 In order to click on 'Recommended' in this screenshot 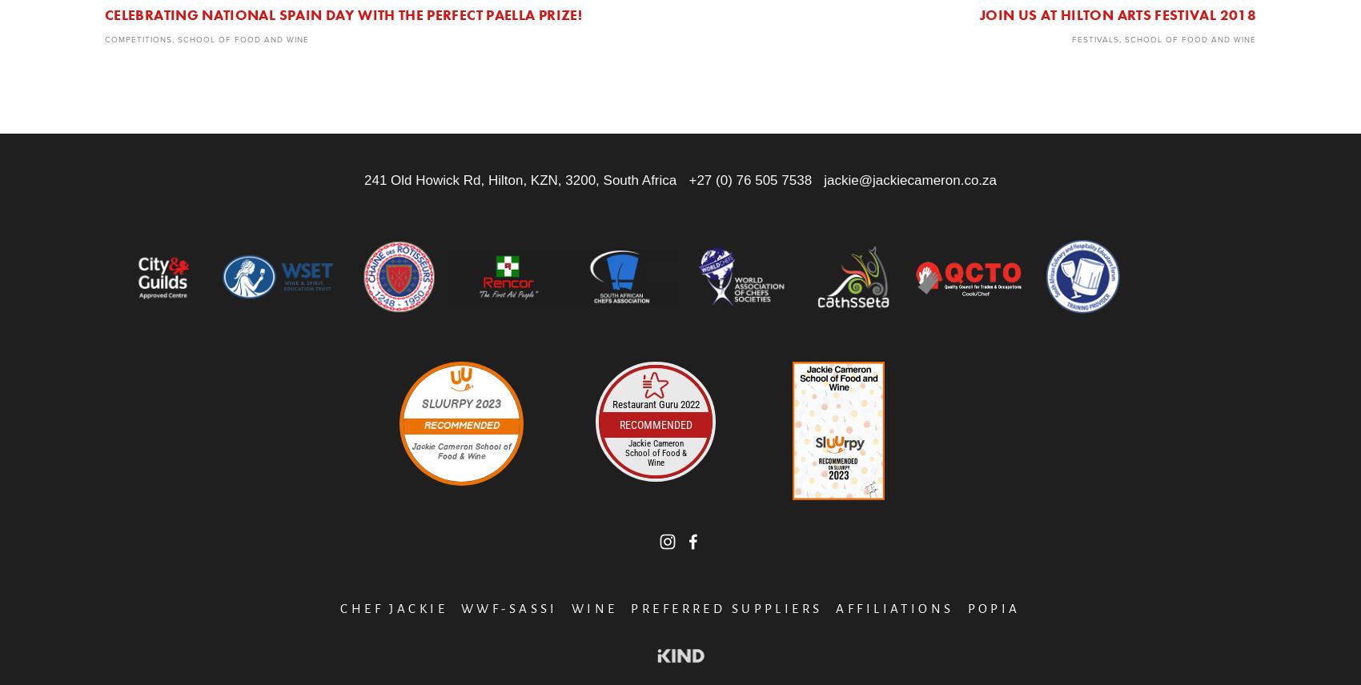, I will do `click(654, 424)`.